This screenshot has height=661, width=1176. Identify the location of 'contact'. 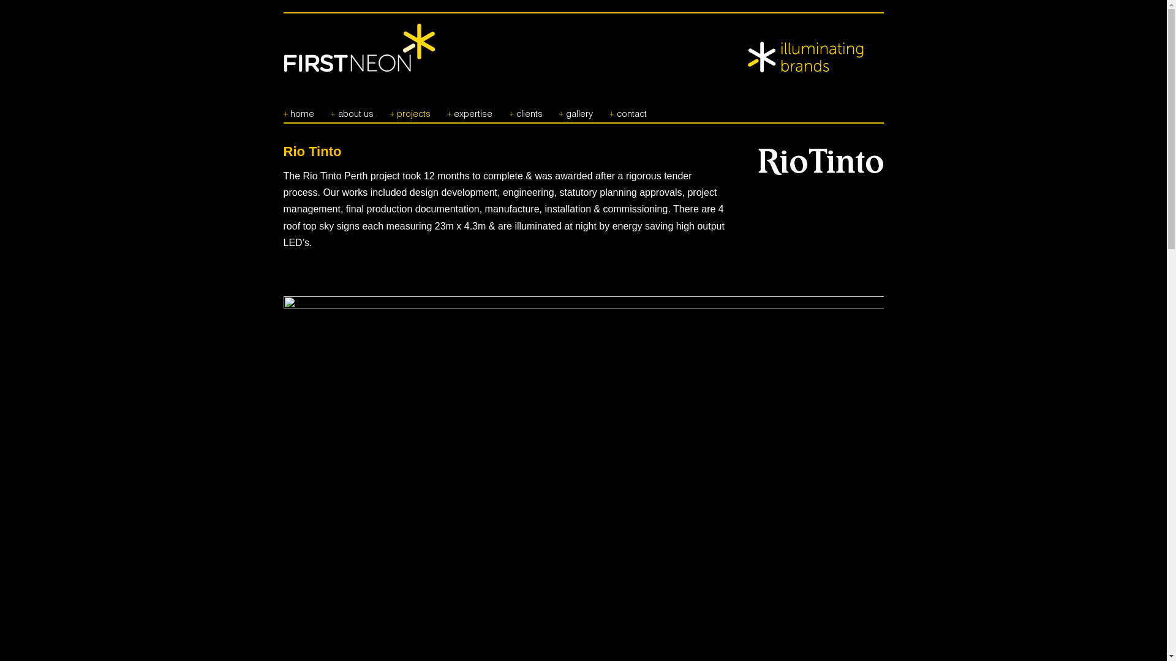
(628, 109).